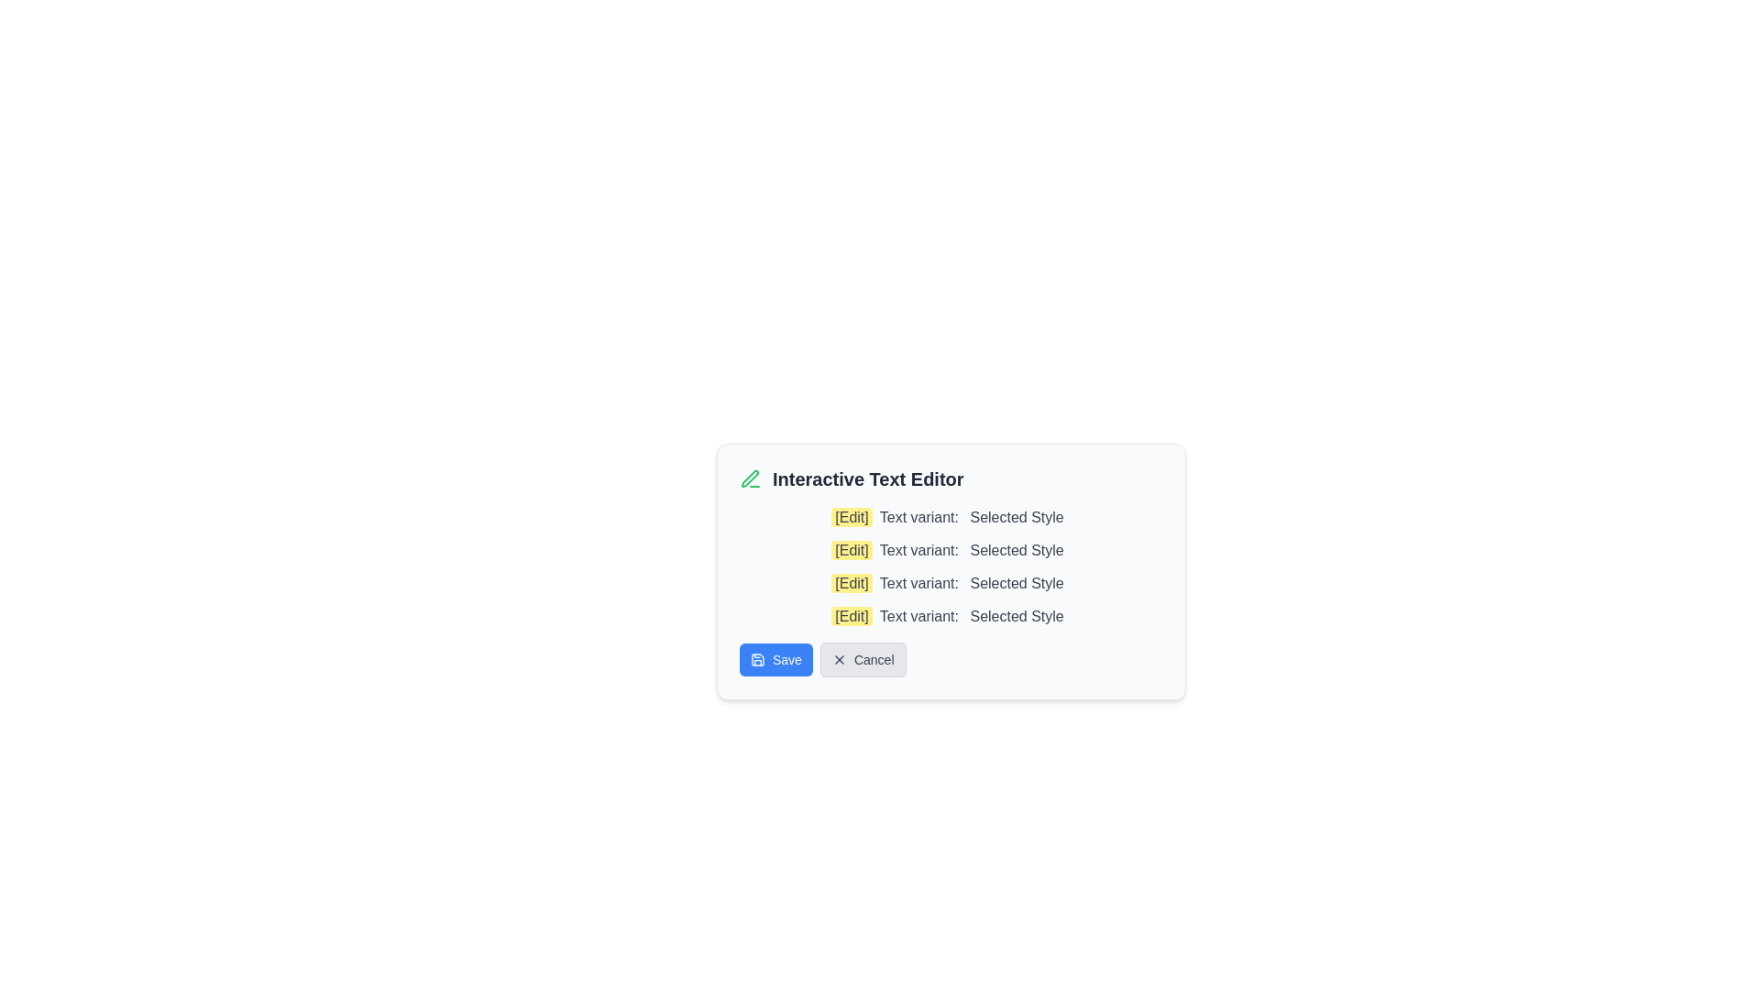  What do you see at coordinates (951, 660) in the screenshot?
I see `the group of interactive buttons labeled 'Save' and 'Cancel'` at bounding box center [951, 660].